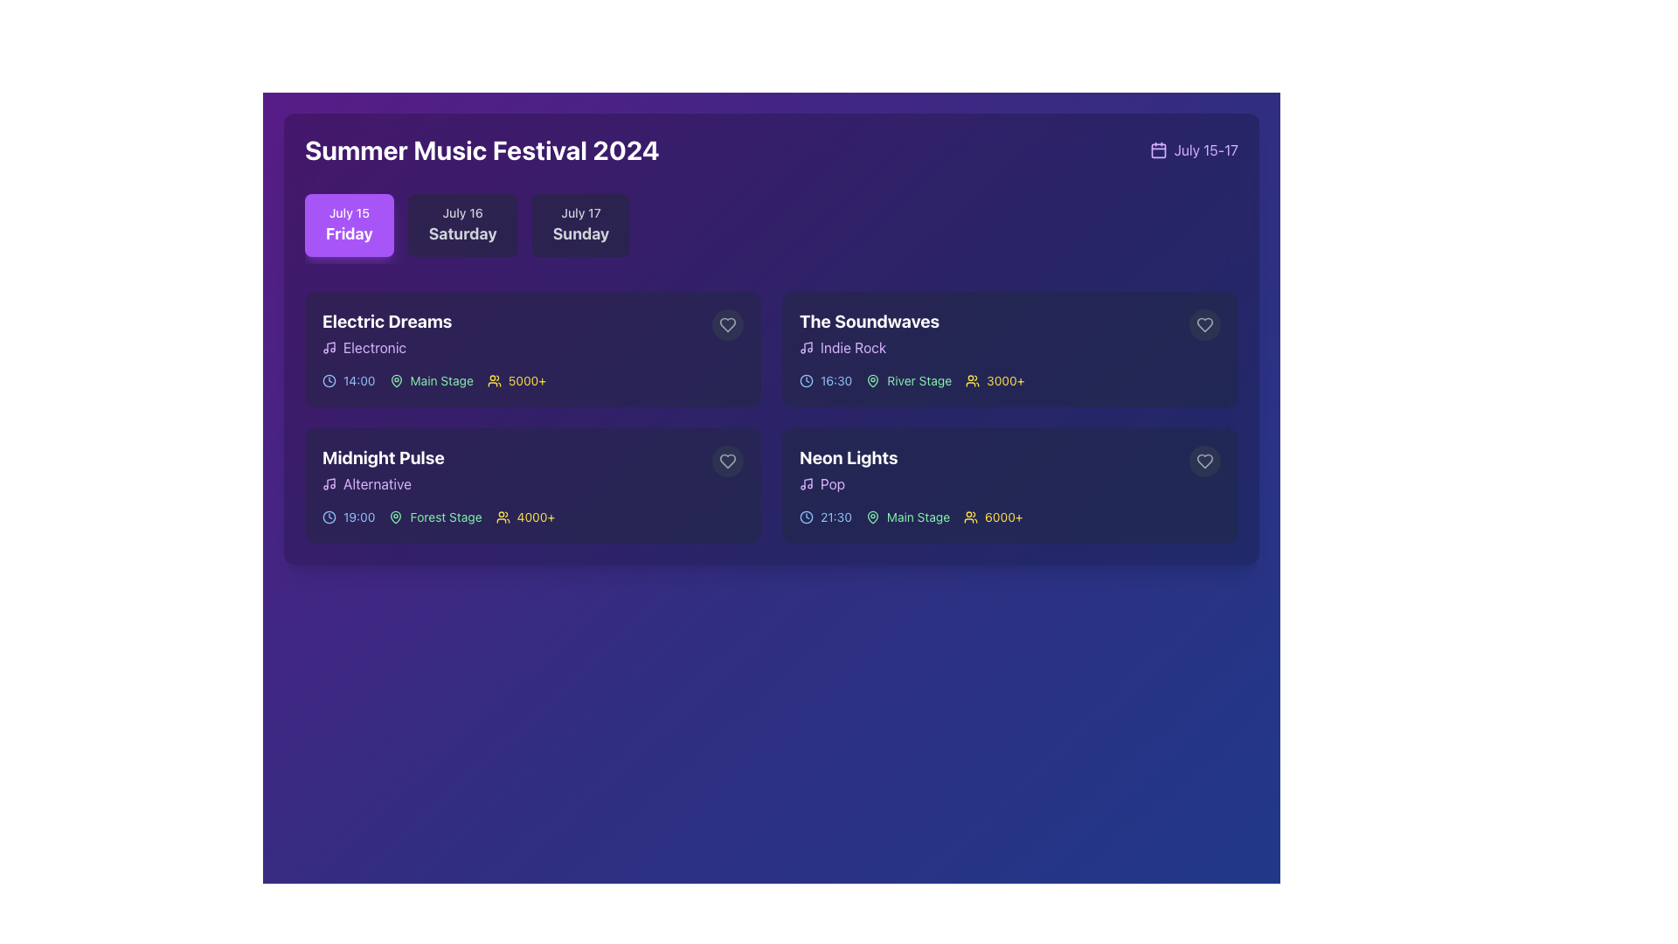 The image size is (1678, 944). Describe the element at coordinates (728, 324) in the screenshot. I see `the heart icon button for the 'Electric Dreams' event` at that location.